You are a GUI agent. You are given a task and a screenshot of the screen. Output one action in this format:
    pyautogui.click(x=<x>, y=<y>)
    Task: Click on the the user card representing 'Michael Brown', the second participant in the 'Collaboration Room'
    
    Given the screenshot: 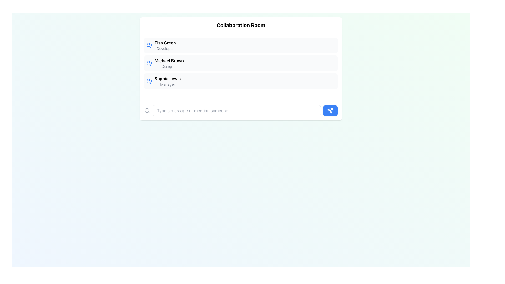 What is the action you would take?
    pyautogui.click(x=241, y=69)
    